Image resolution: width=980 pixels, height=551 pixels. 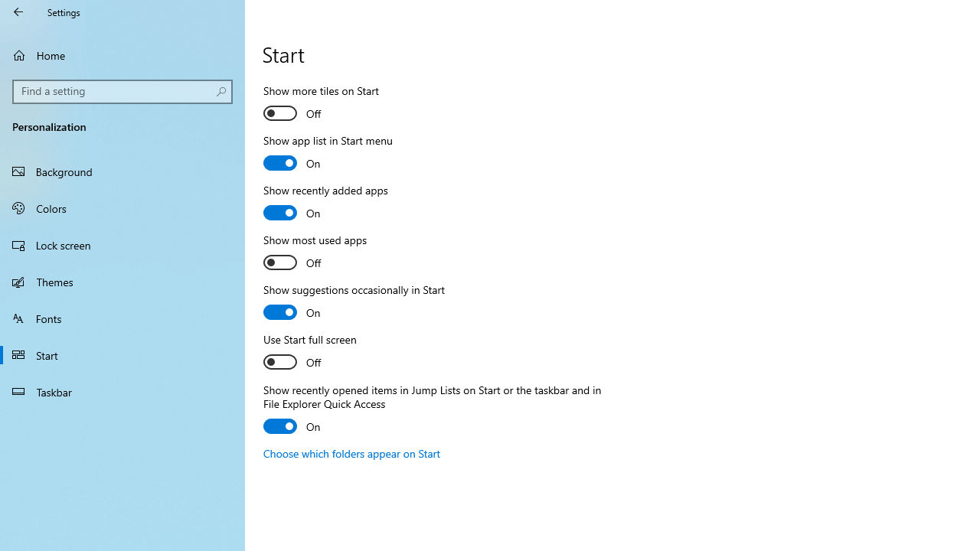 I want to click on 'Taskbar', so click(x=122, y=390).